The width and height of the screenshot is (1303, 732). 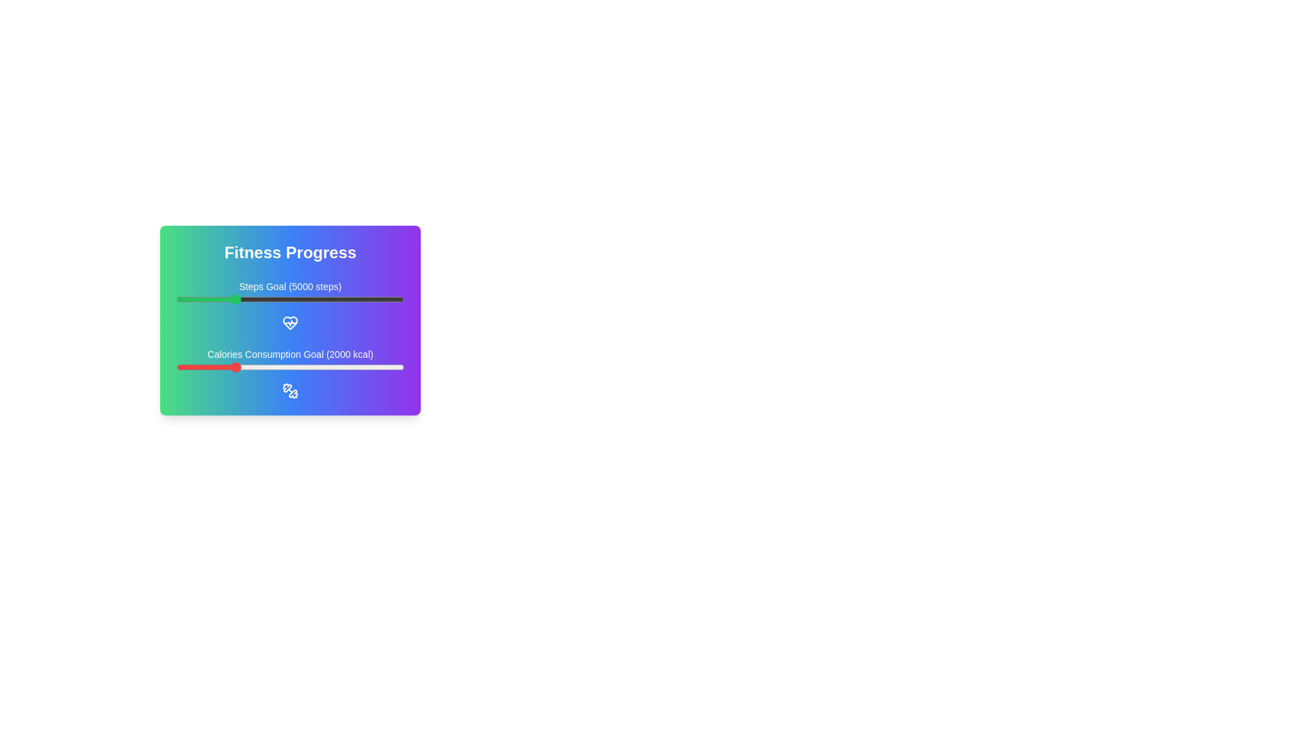 What do you see at coordinates (217, 367) in the screenshot?
I see `the calorie goal` at bounding box center [217, 367].